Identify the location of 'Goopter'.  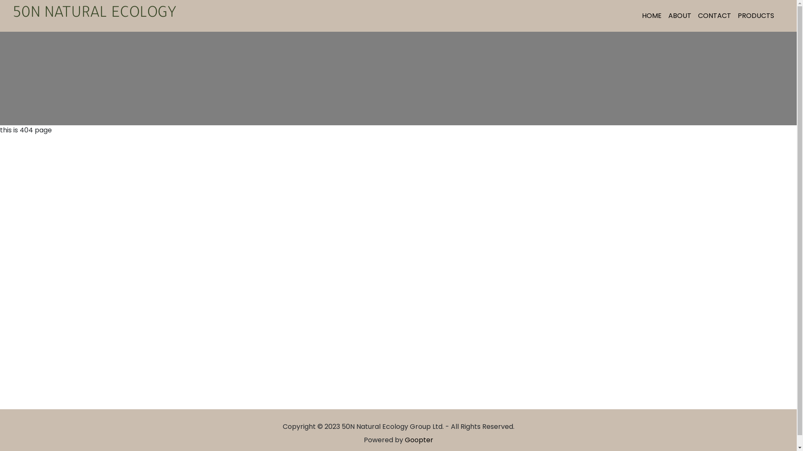
(419, 439).